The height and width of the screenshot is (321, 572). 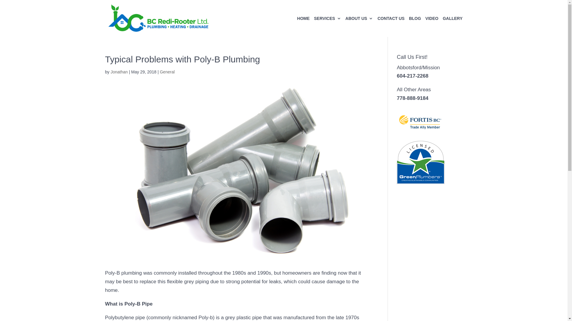 What do you see at coordinates (432, 26) in the screenshot?
I see `'VIDEO'` at bounding box center [432, 26].